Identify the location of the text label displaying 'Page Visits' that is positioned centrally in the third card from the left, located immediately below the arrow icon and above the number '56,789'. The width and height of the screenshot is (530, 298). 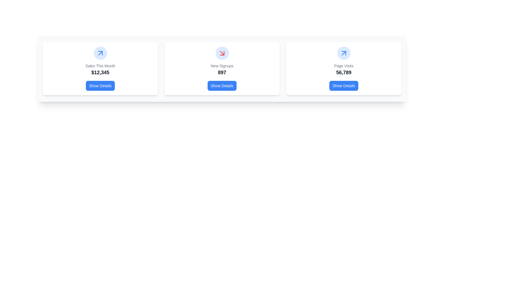
(343, 66).